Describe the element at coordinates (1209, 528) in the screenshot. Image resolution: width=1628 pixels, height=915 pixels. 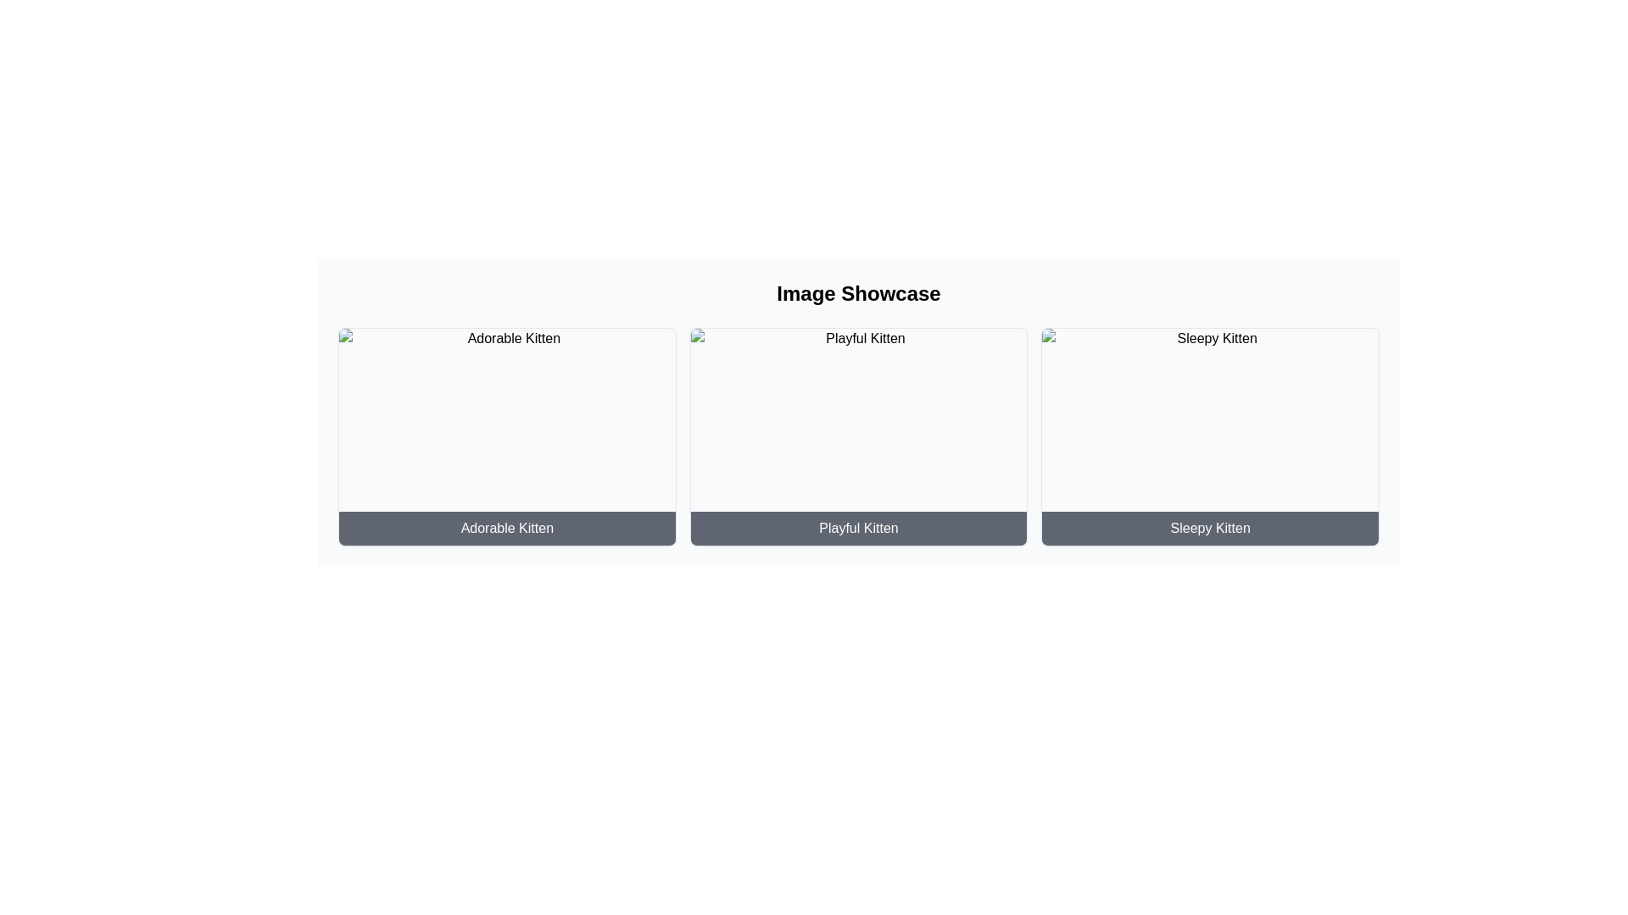
I see `the descriptive label at the bottom of the rounded rectangle card that is the third in a horizontal row, located in the right-most position, below an image of a kitten` at that location.